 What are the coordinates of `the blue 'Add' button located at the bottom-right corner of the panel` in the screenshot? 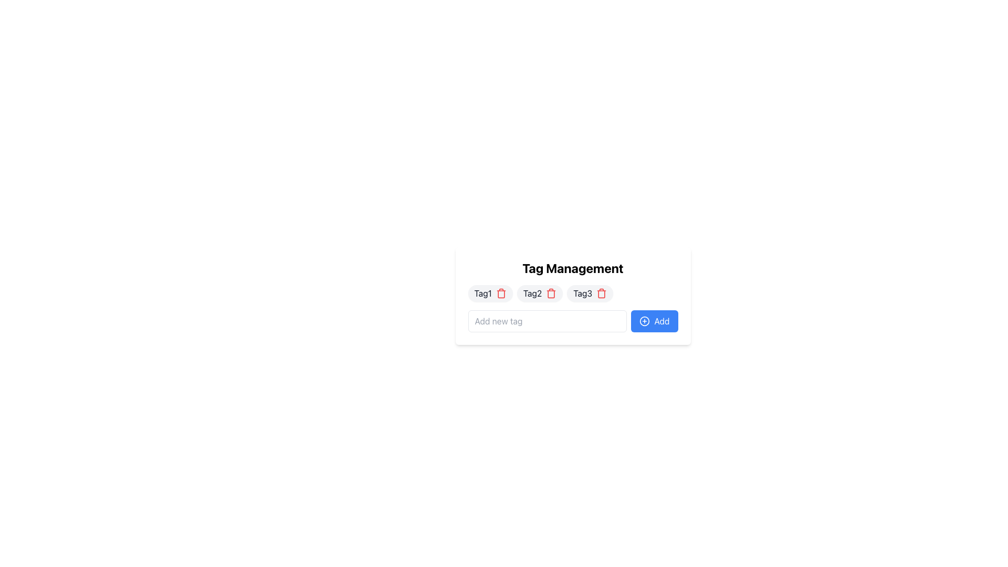 It's located at (644, 321).